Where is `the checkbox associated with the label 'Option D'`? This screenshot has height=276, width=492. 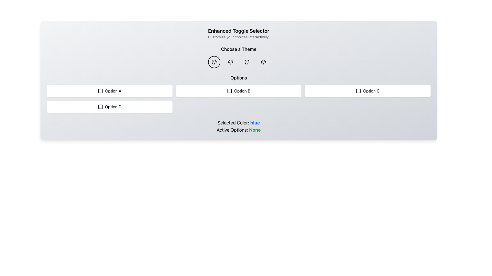
the checkbox associated with the label 'Option D' is located at coordinates (100, 106).